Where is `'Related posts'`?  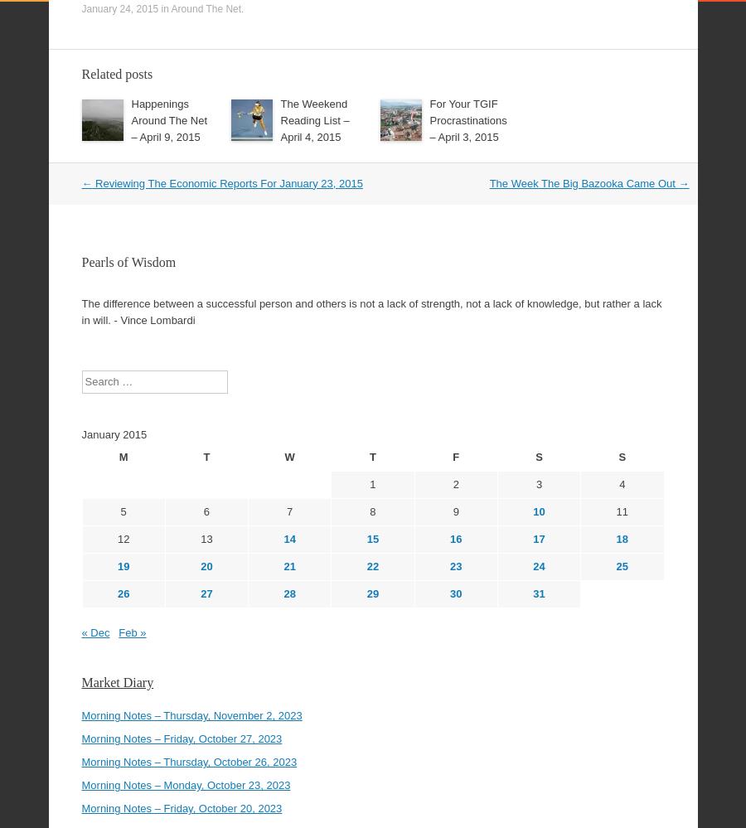
'Related posts' is located at coordinates (117, 27).